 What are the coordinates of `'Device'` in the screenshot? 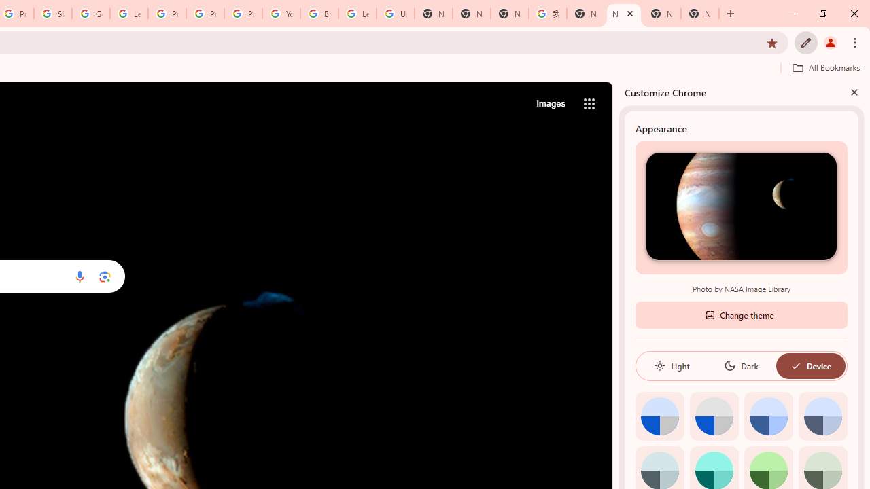 It's located at (810, 365).